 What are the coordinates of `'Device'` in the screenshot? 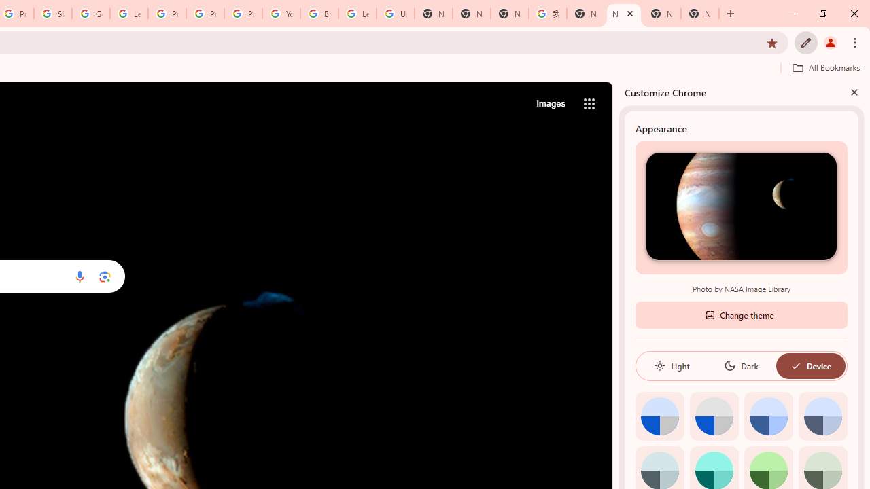 It's located at (810, 365).